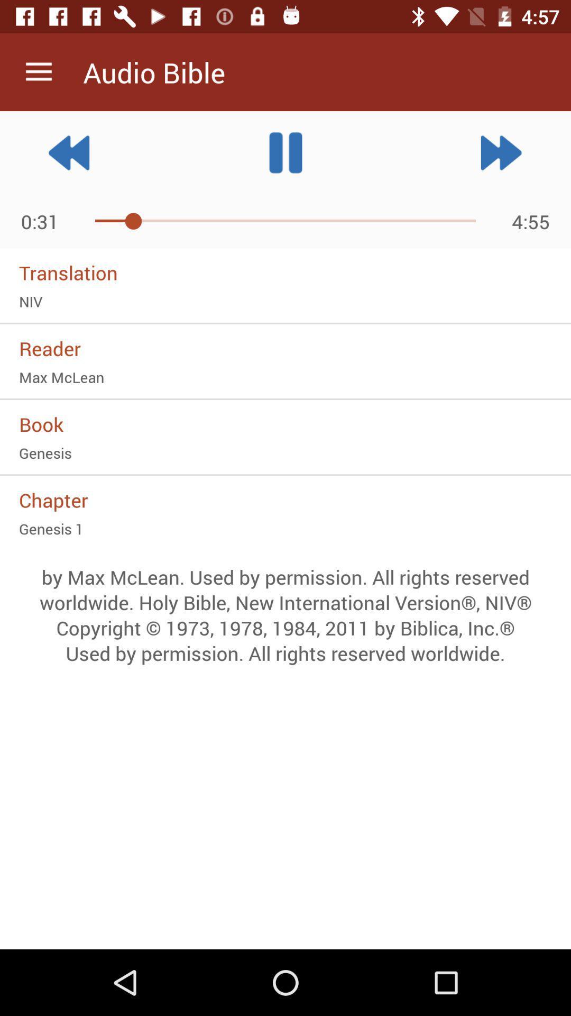  Describe the element at coordinates (285, 273) in the screenshot. I see `icon below the 0:32 item` at that location.